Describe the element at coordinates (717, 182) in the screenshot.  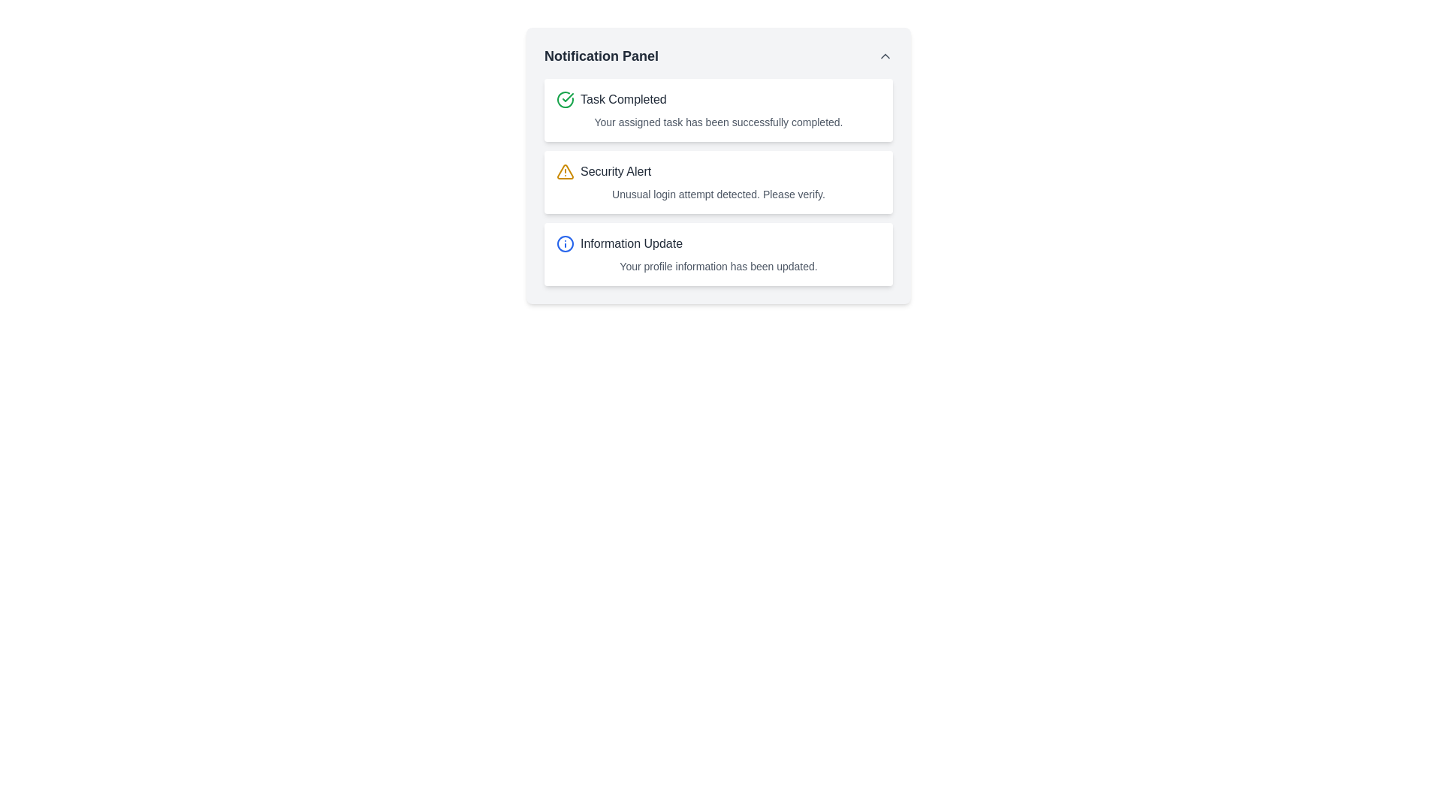
I see `the 'Security Alert' informational message component located in the Notification Panel, which is the second notification in the vertical list` at that location.